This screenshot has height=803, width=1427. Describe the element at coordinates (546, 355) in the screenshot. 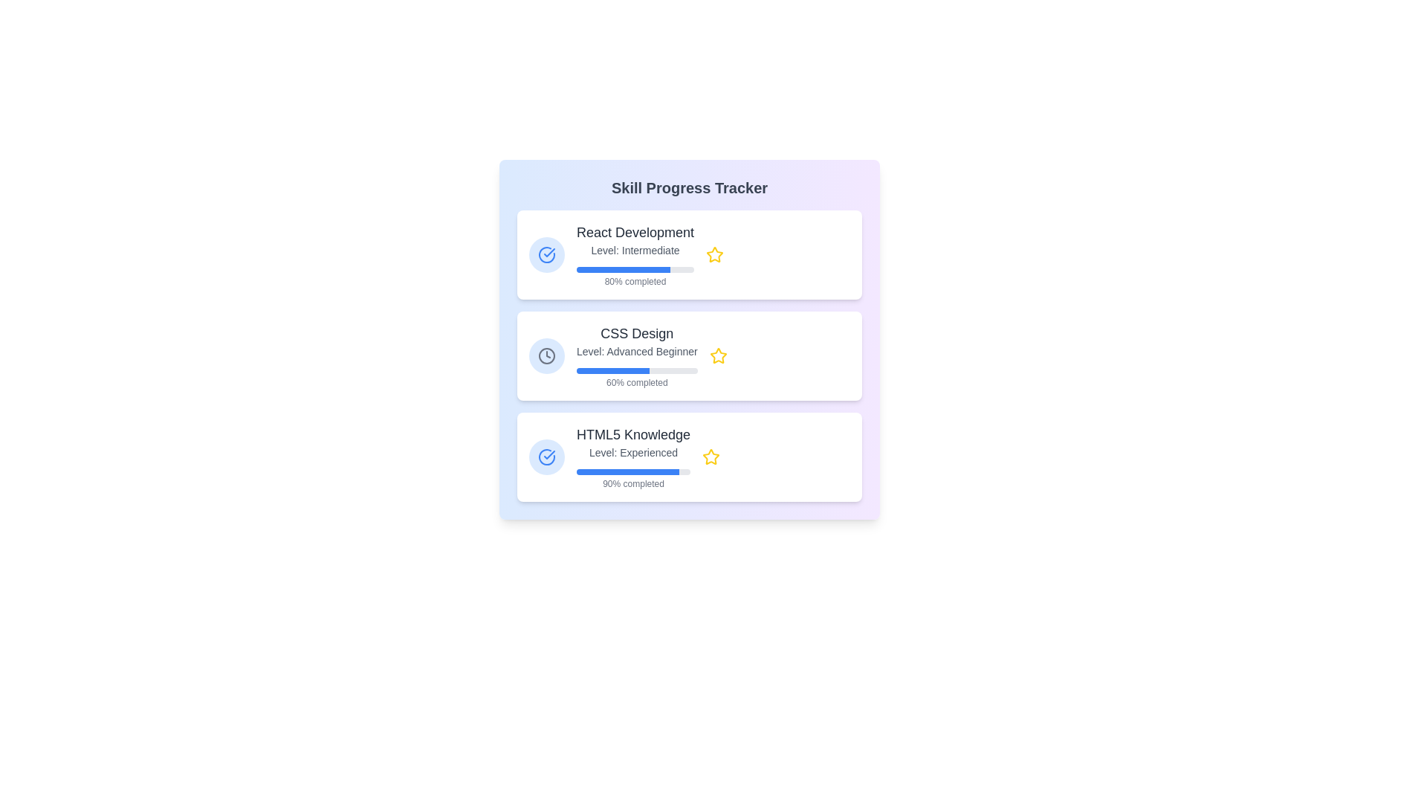

I see `the decorative icon representing the CSS Design skill level, located within the second entry of the Skill Progress Tracker interface` at that location.